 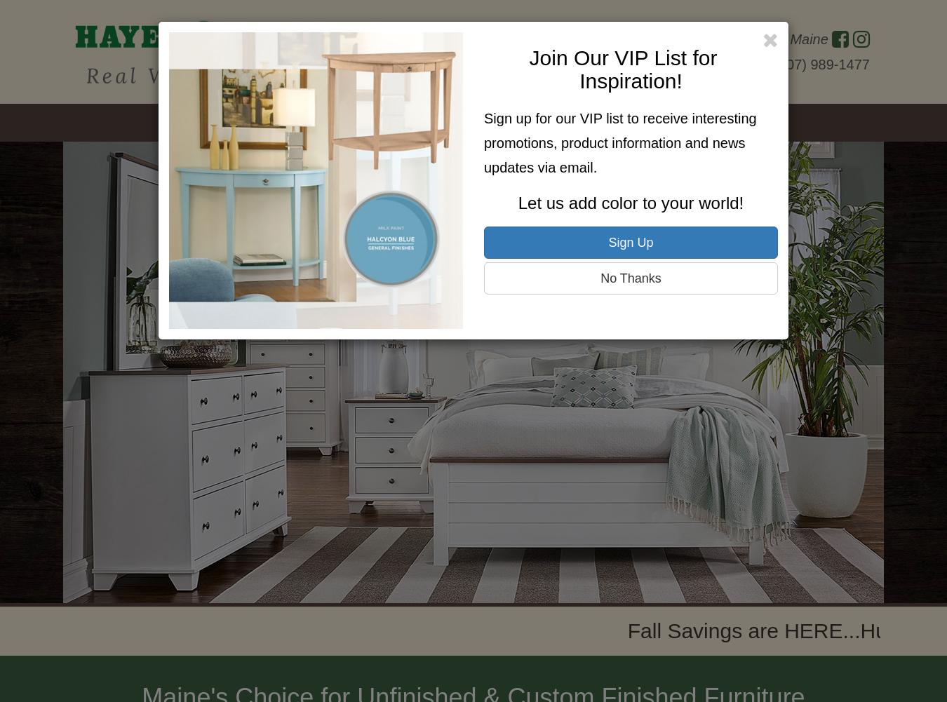 I want to click on 'Showroom', so click(x=378, y=123).